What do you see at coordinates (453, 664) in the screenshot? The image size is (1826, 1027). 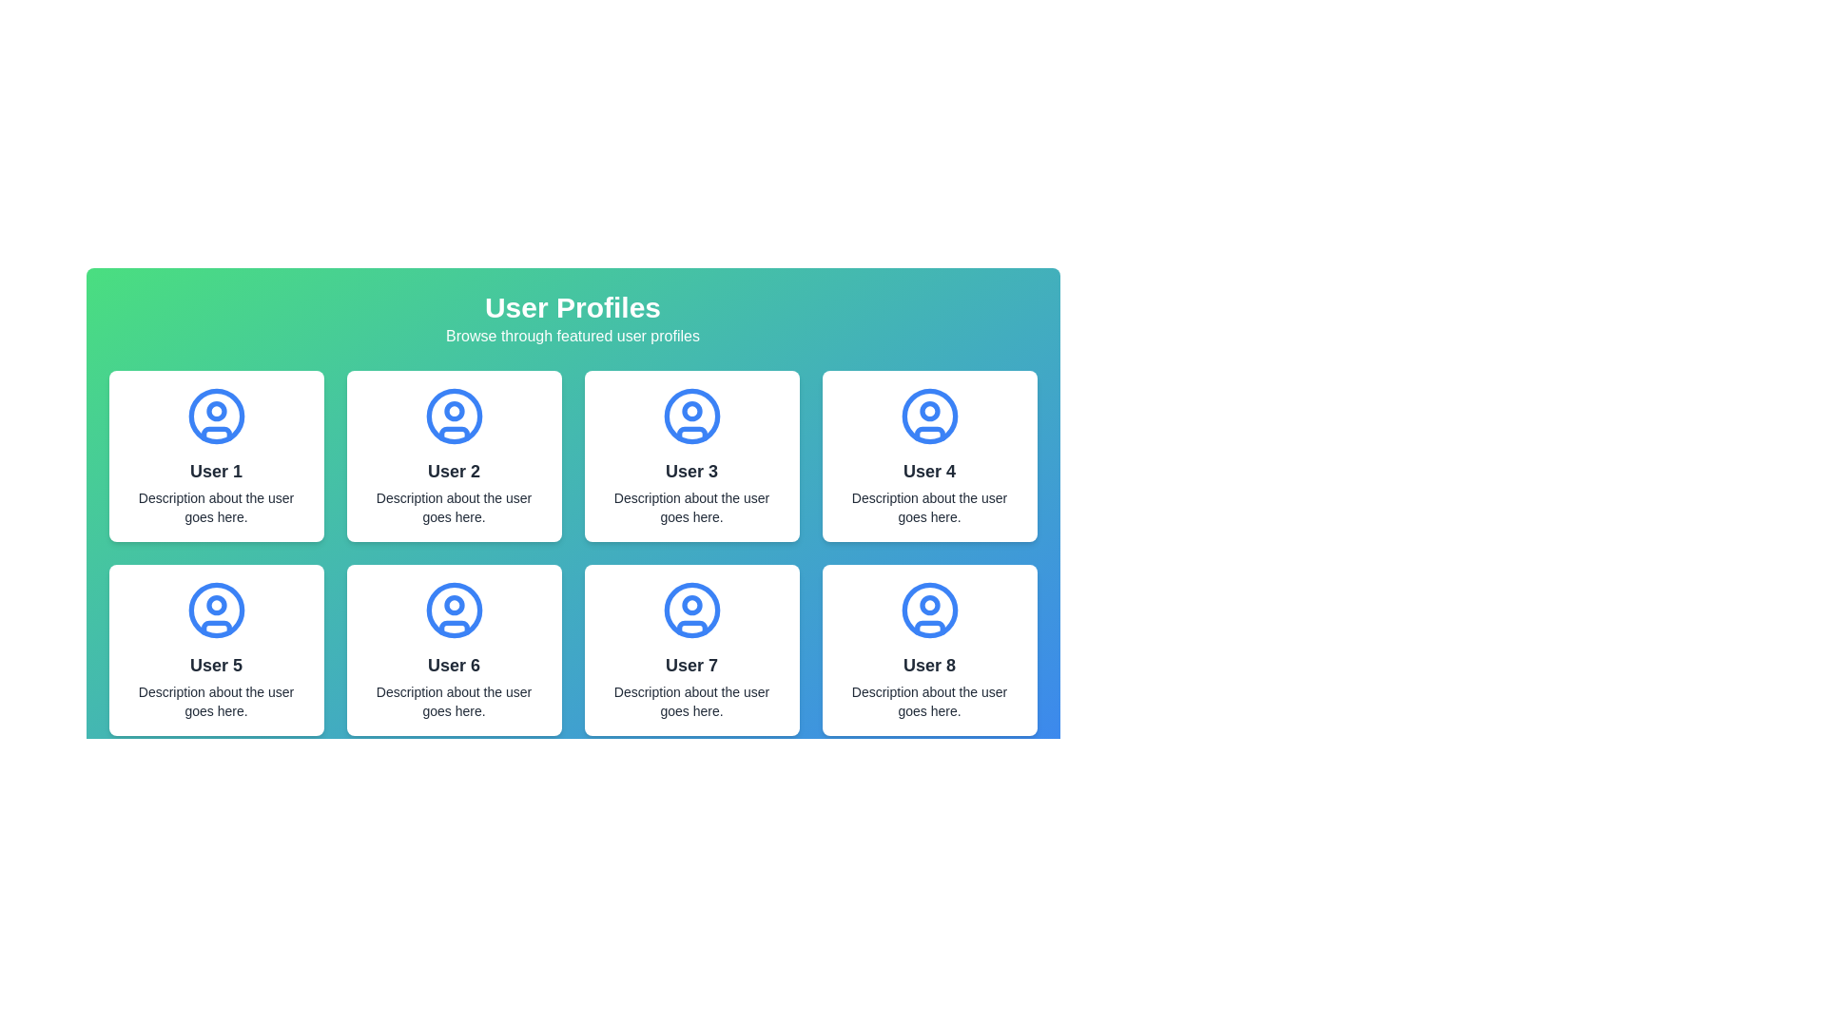 I see `the bold text label reading 'User 6' that is centrally aligned within a white, rounded rectangular card in the user profile section` at bounding box center [453, 664].